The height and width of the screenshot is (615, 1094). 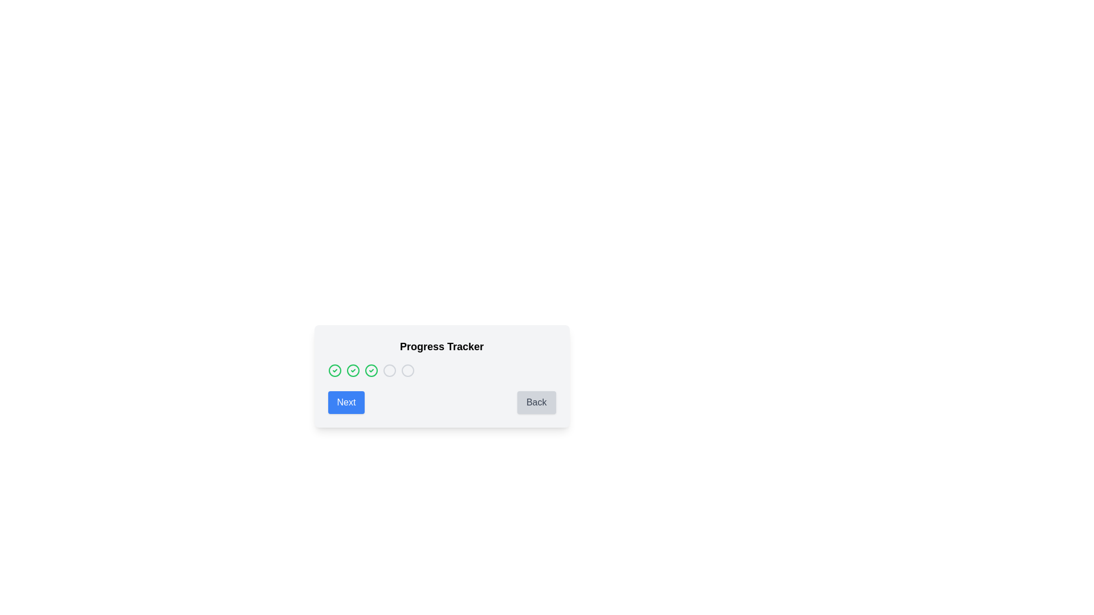 I want to click on the 'Previous' button located in the lower-right section of the interface, which is the second button in a two-button layout, so click(x=536, y=401).